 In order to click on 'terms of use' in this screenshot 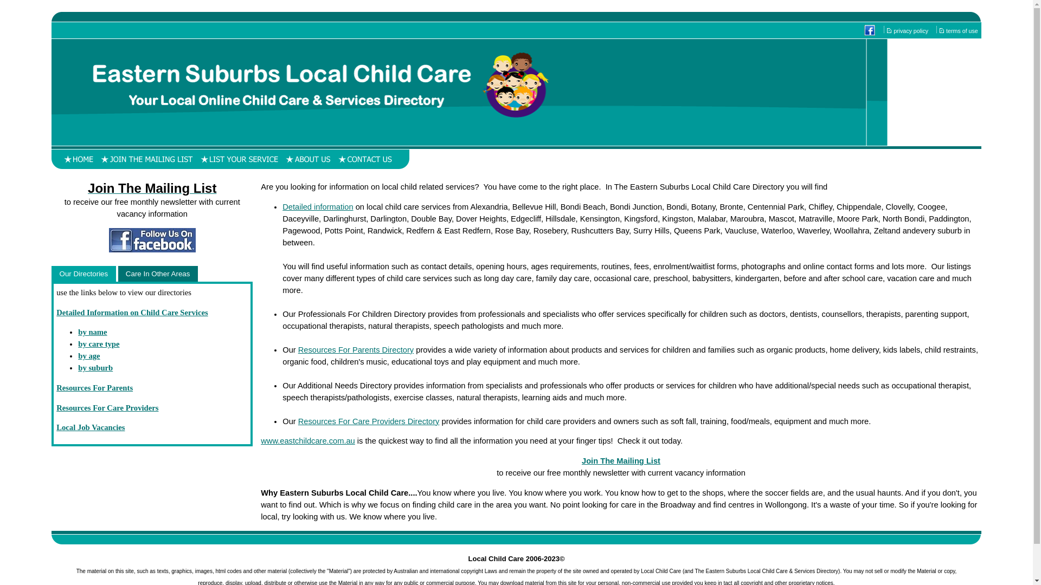, I will do `click(962, 30)`.